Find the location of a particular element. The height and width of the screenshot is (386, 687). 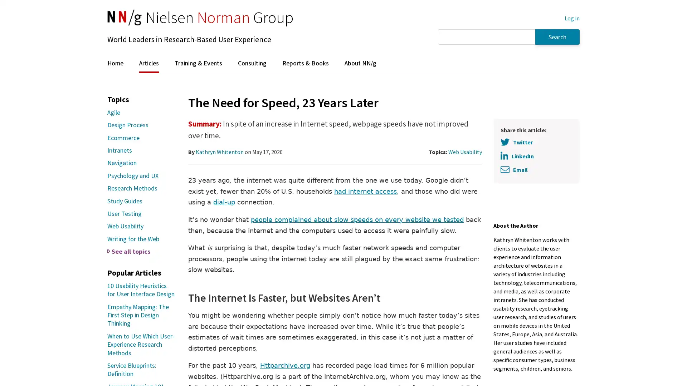

Search is located at coordinates (557, 36).